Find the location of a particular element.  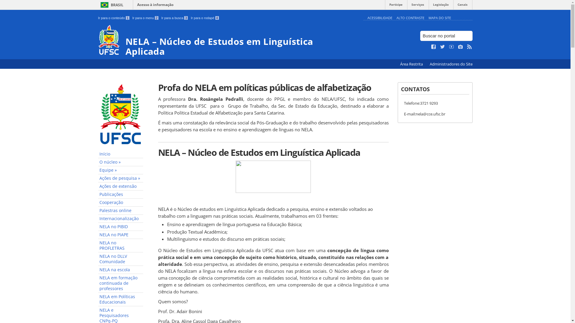

'BRASIL' is located at coordinates (98, 5).